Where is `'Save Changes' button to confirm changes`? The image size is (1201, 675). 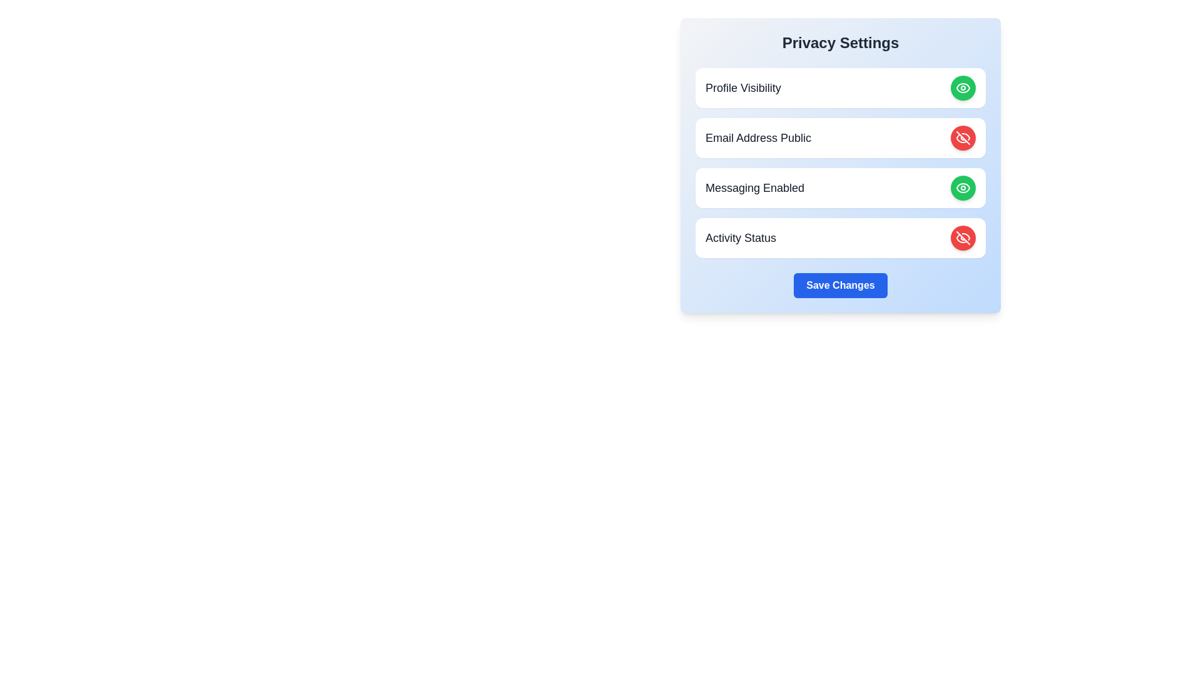
'Save Changes' button to confirm changes is located at coordinates (841, 285).